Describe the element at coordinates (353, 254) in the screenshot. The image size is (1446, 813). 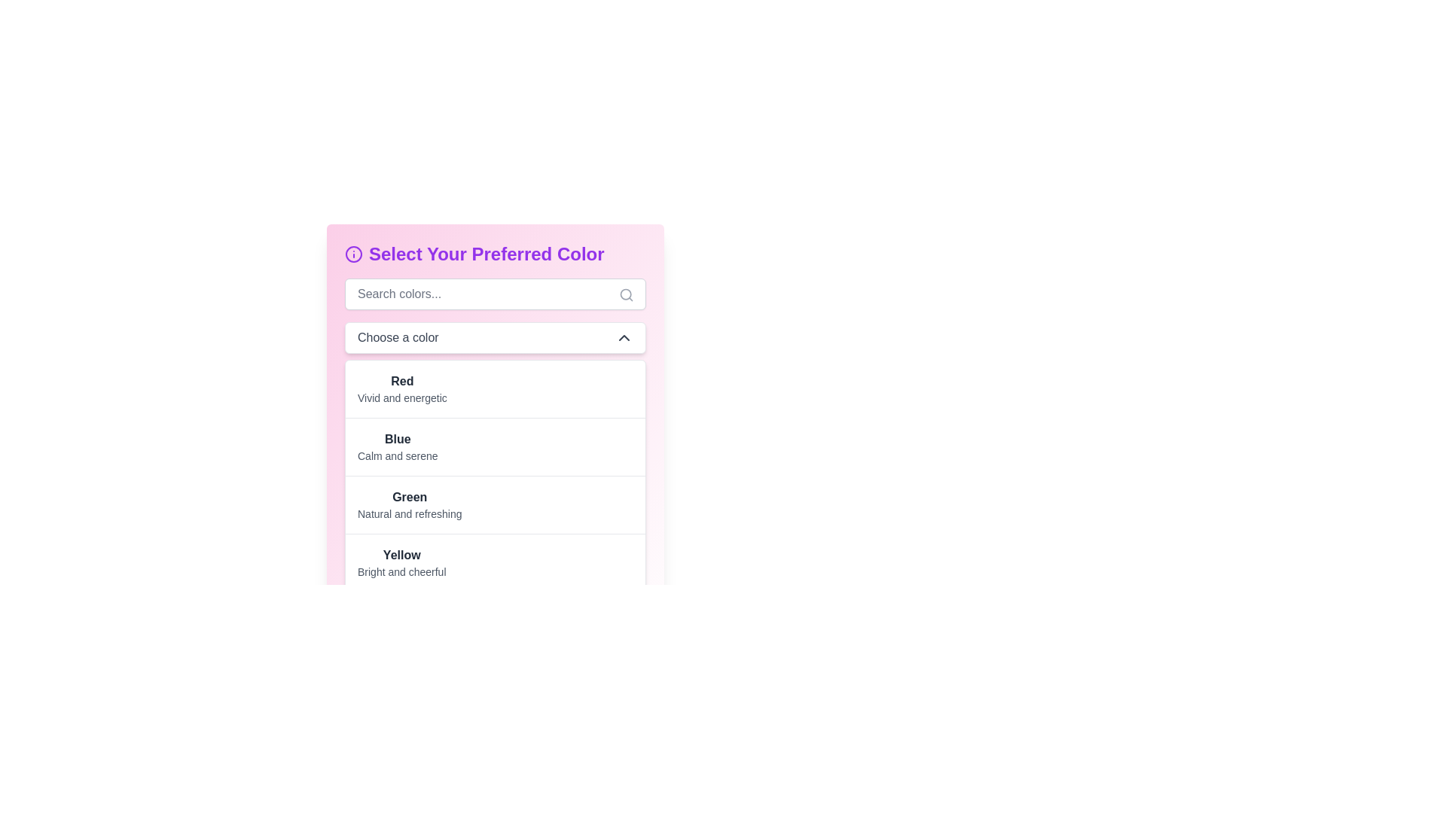
I see `the information icon located to the immediate left of the 'Select Your Preferred Color' text, which provides additional details or guidance related to color selection` at that location.